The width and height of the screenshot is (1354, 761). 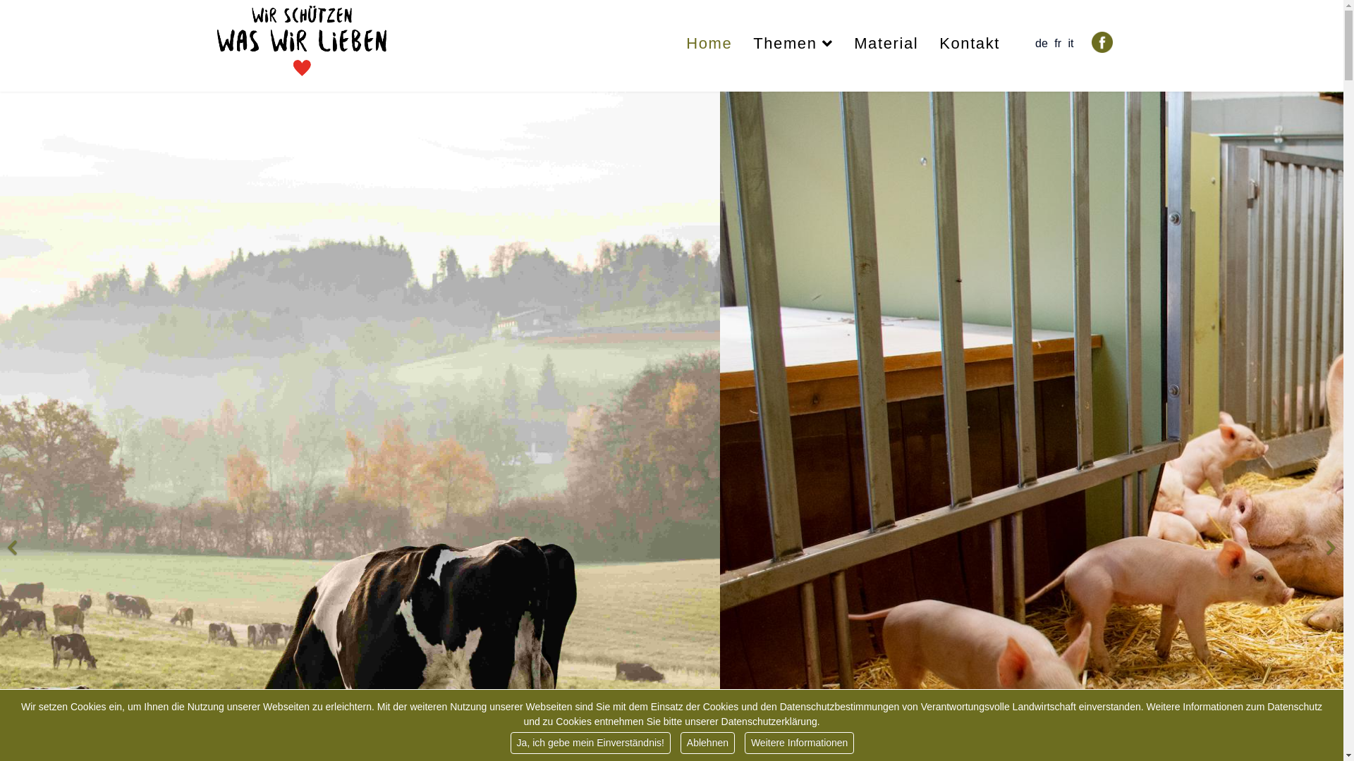 What do you see at coordinates (1035, 42) in the screenshot?
I see `'de'` at bounding box center [1035, 42].